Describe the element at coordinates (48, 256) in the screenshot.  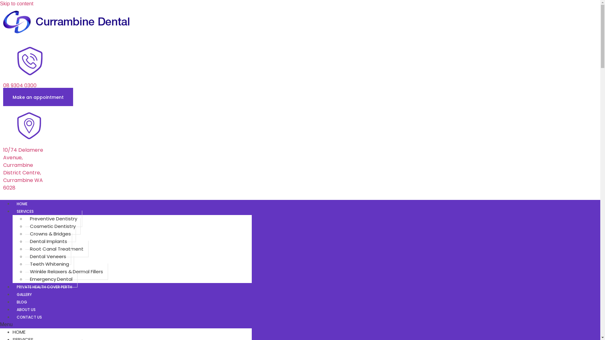
I see `'Dental Veneers'` at that location.